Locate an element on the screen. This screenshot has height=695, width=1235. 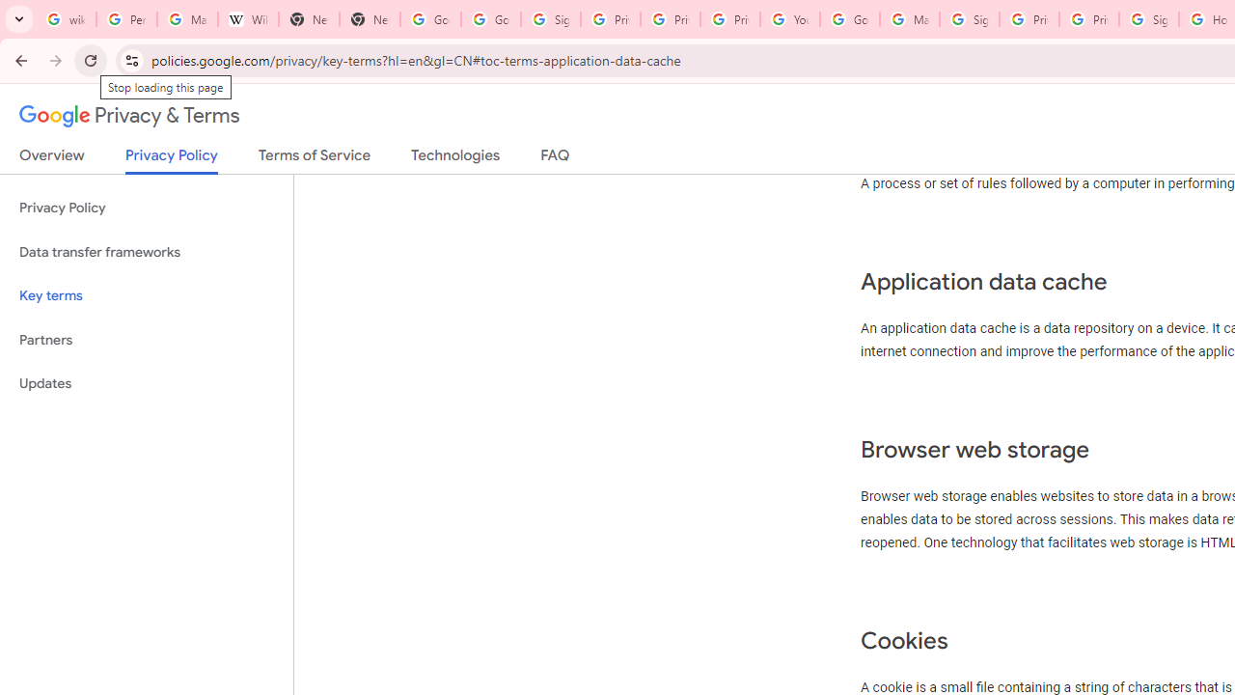
'Manage your Location History - Google Search Help' is located at coordinates (187, 19).